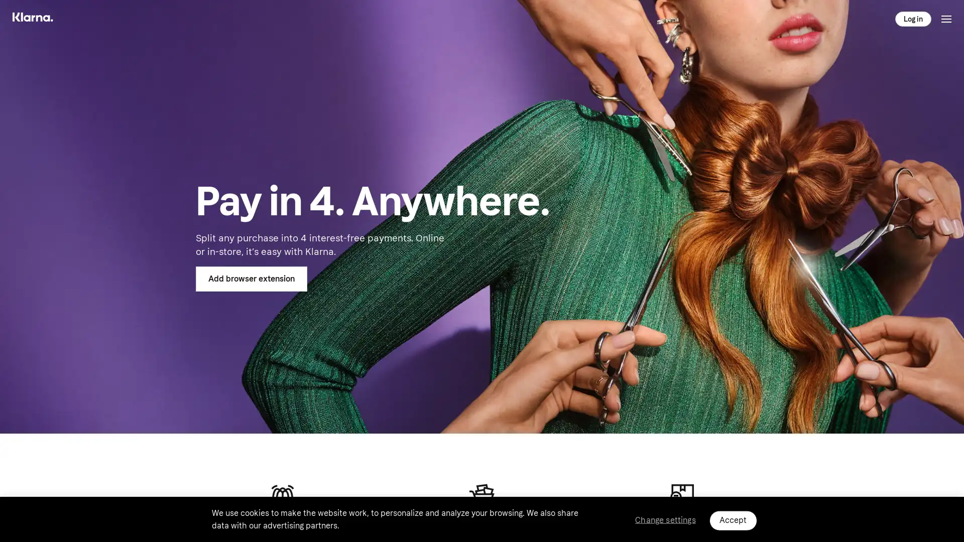 Image resolution: width=964 pixels, height=542 pixels. What do you see at coordinates (946, 19) in the screenshot?
I see `Toggle menu` at bounding box center [946, 19].